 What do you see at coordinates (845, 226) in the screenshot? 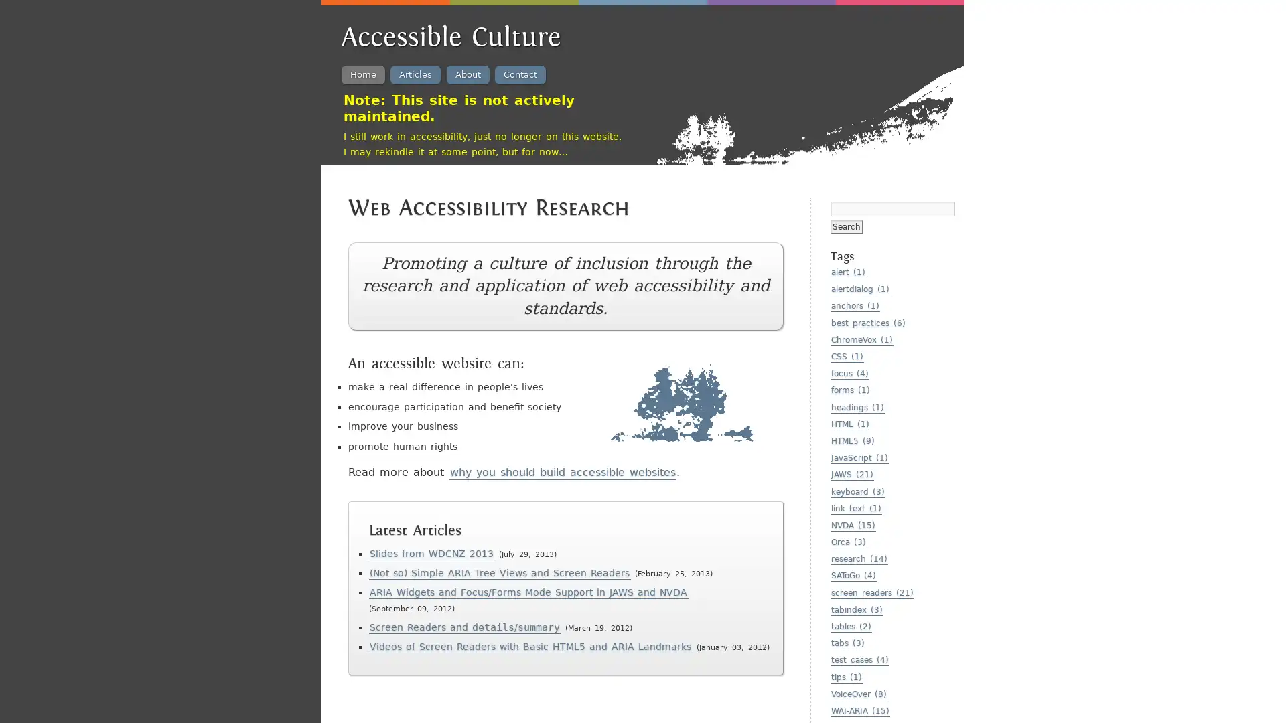
I see `Search` at bounding box center [845, 226].